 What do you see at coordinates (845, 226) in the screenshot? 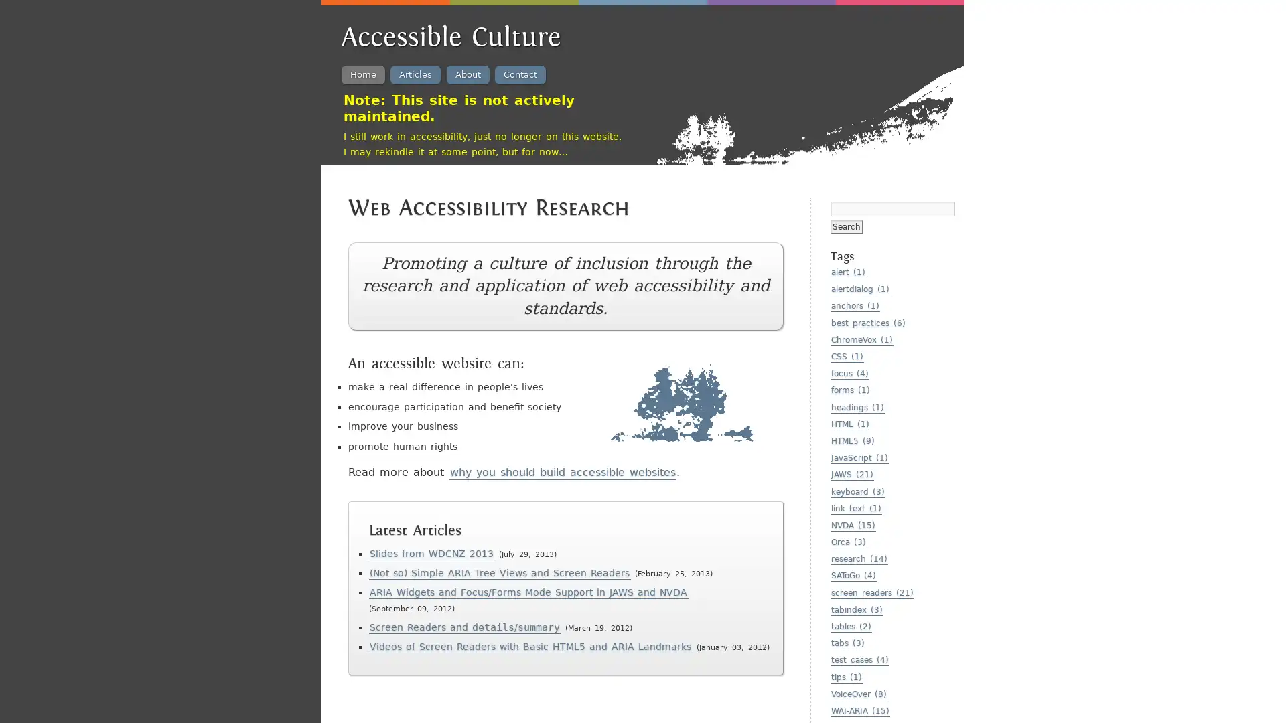
I see `Search` at bounding box center [845, 226].